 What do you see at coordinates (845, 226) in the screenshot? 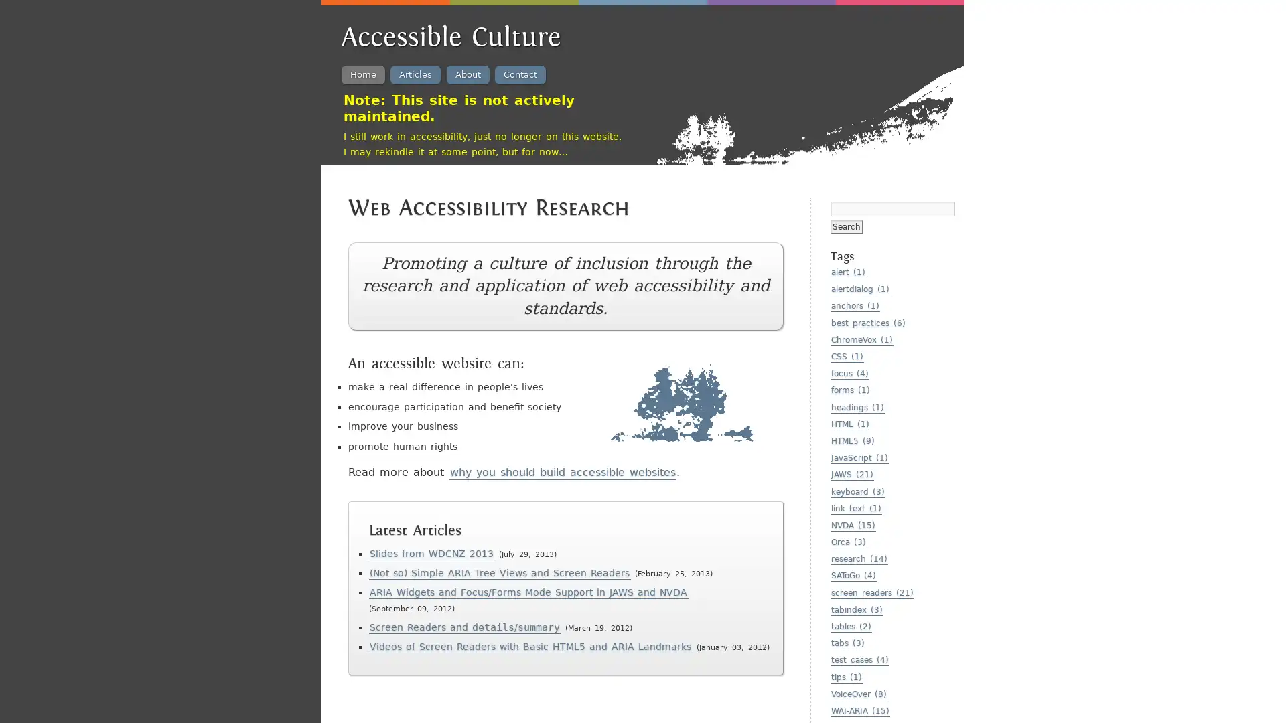
I see `Search` at bounding box center [845, 226].